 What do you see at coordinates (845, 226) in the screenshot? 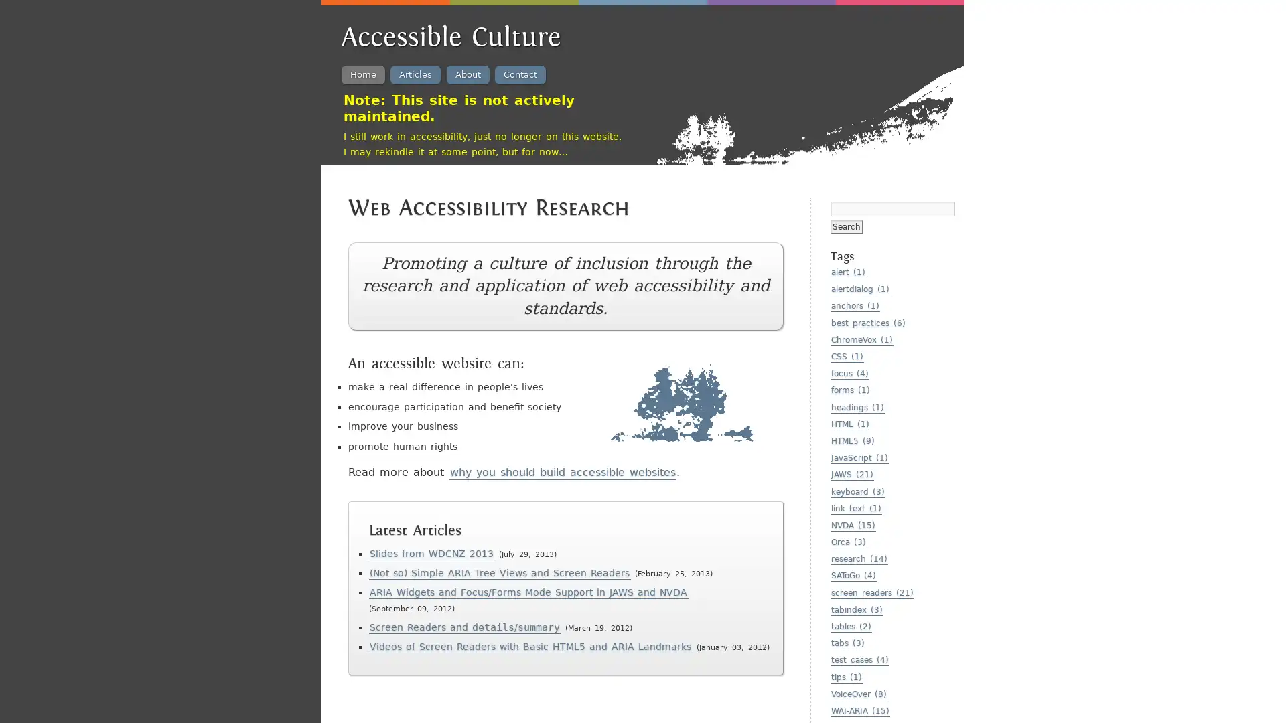
I see `Search` at bounding box center [845, 226].